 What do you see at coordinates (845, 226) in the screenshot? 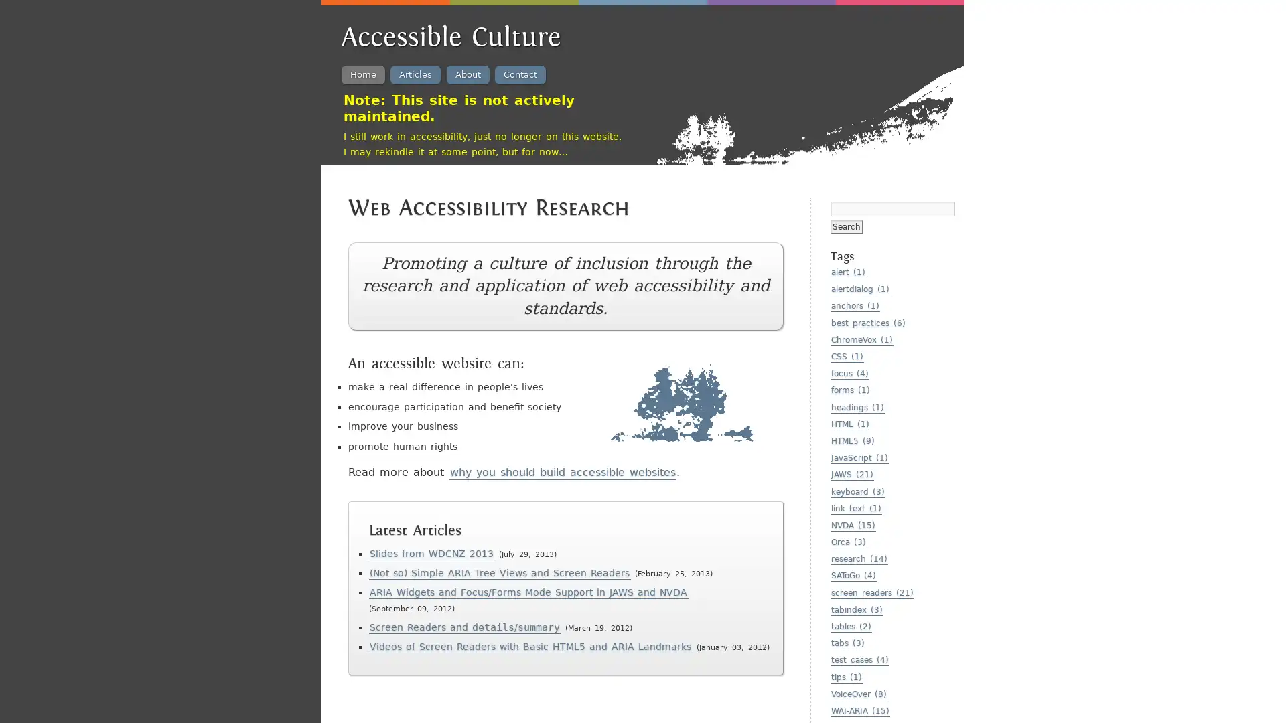
I see `Search` at bounding box center [845, 226].